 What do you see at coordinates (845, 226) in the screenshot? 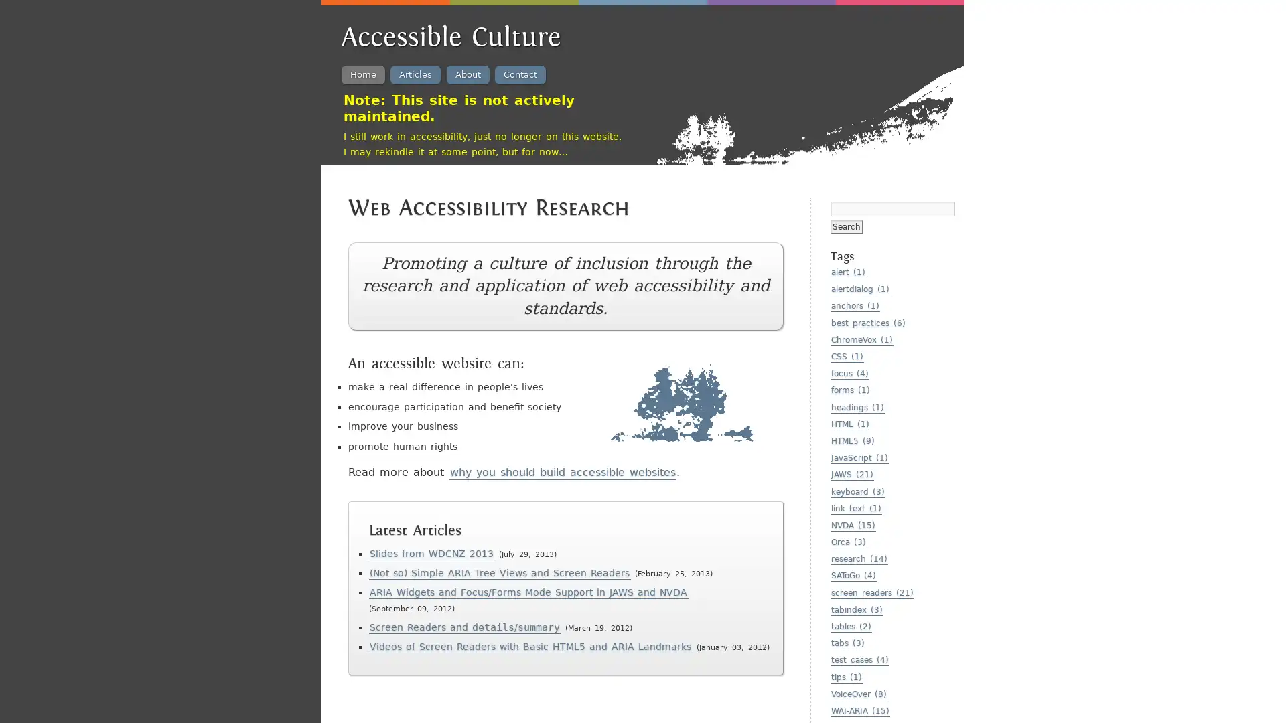
I see `Search` at bounding box center [845, 226].